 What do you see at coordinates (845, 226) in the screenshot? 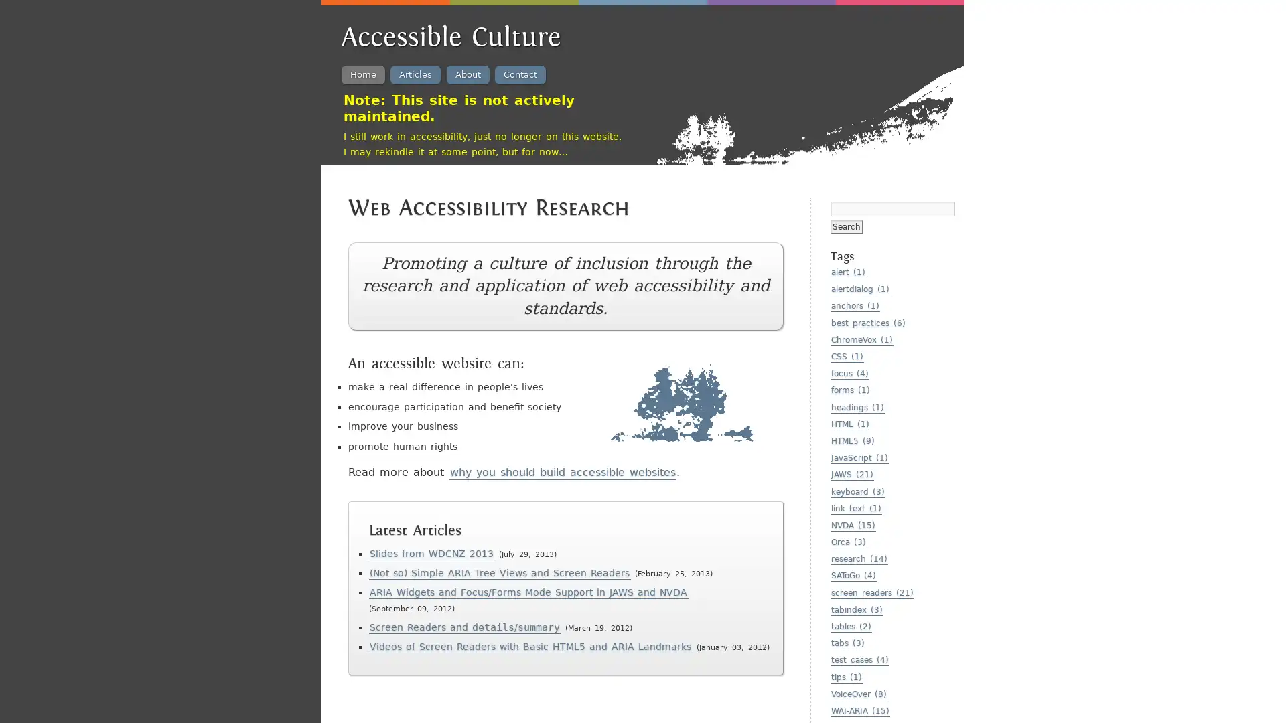
I see `Search` at bounding box center [845, 226].